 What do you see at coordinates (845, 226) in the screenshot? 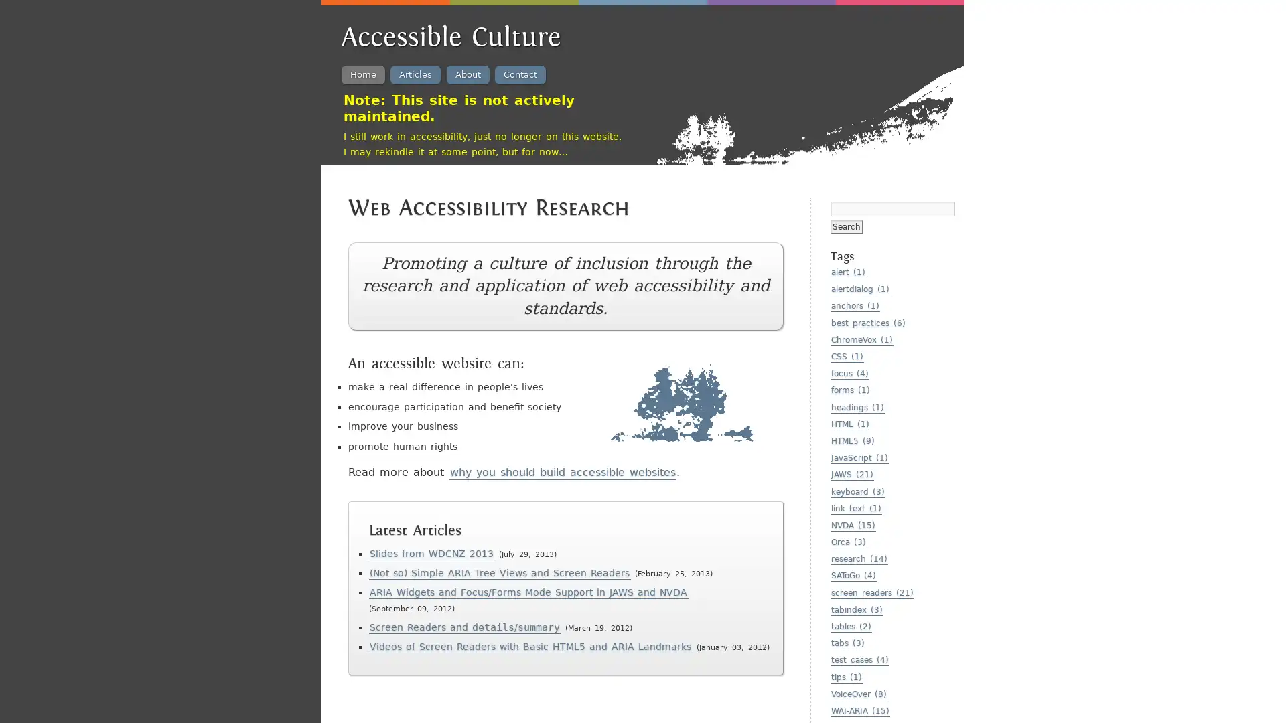
I see `Search` at bounding box center [845, 226].